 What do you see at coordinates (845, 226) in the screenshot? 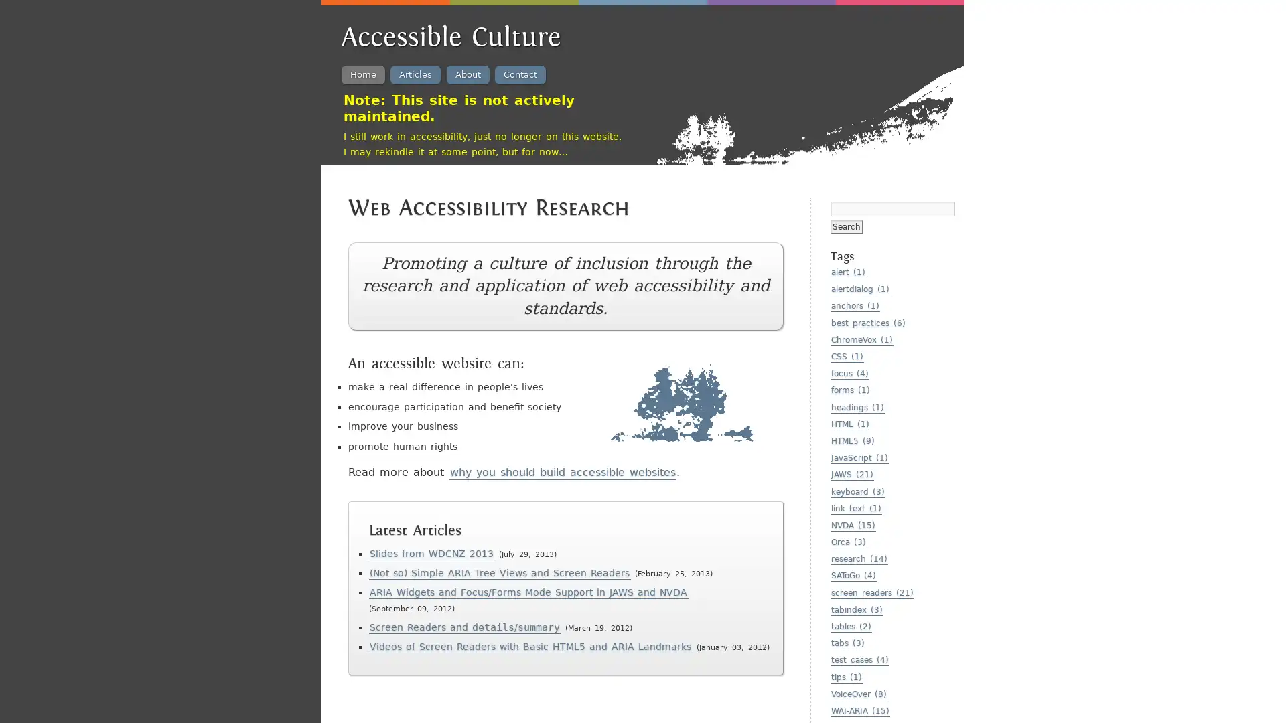
I see `Search` at bounding box center [845, 226].